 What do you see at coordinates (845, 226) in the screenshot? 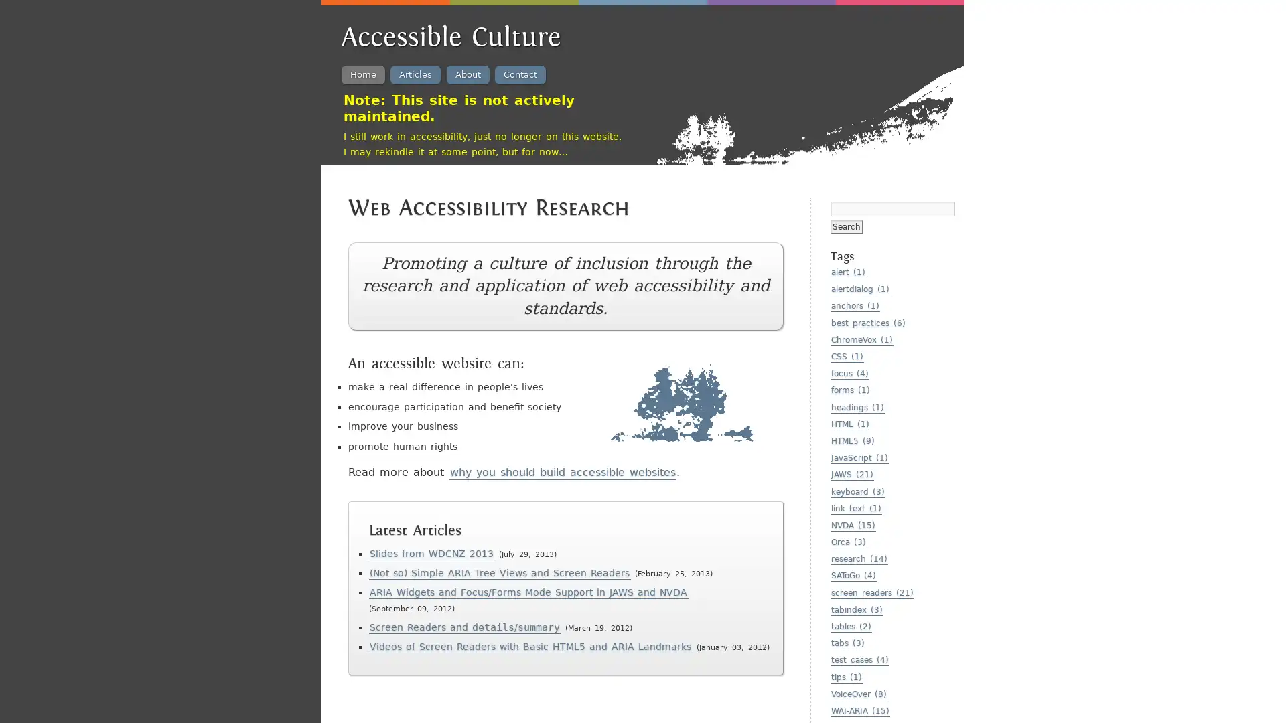
I see `Search` at bounding box center [845, 226].